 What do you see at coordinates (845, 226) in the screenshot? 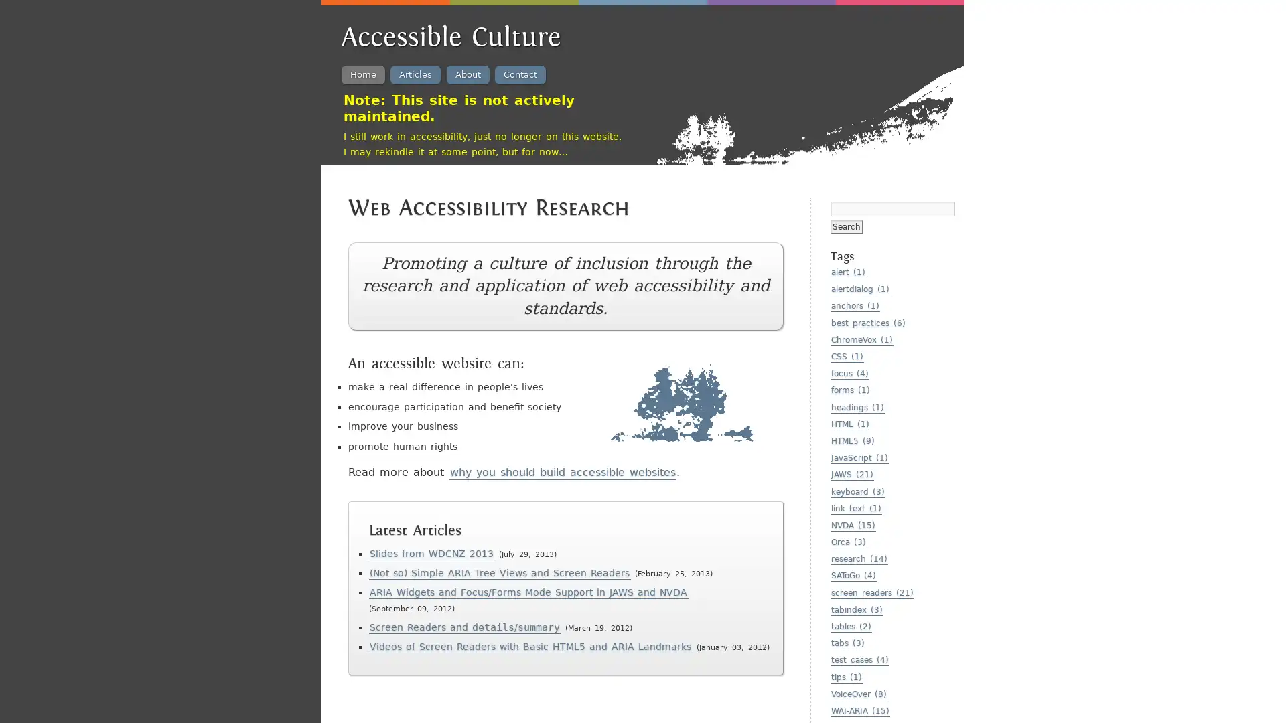
I see `Search` at bounding box center [845, 226].